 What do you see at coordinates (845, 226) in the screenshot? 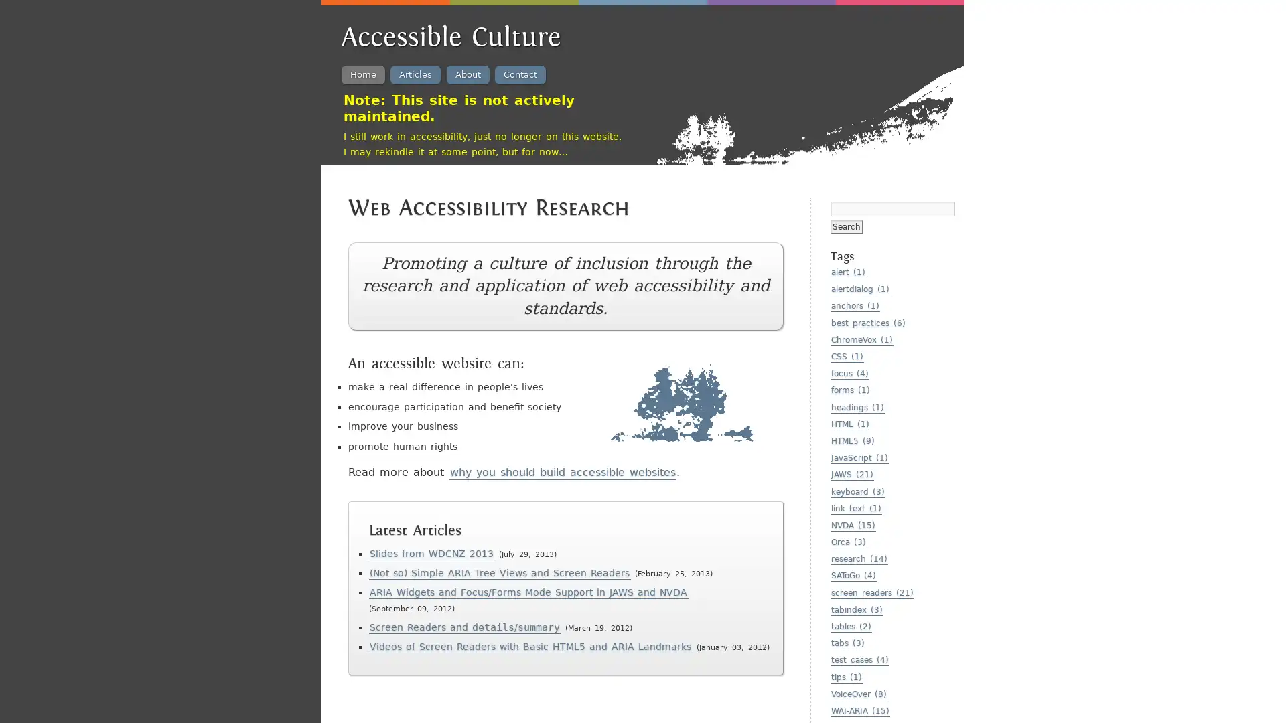
I see `Search` at bounding box center [845, 226].